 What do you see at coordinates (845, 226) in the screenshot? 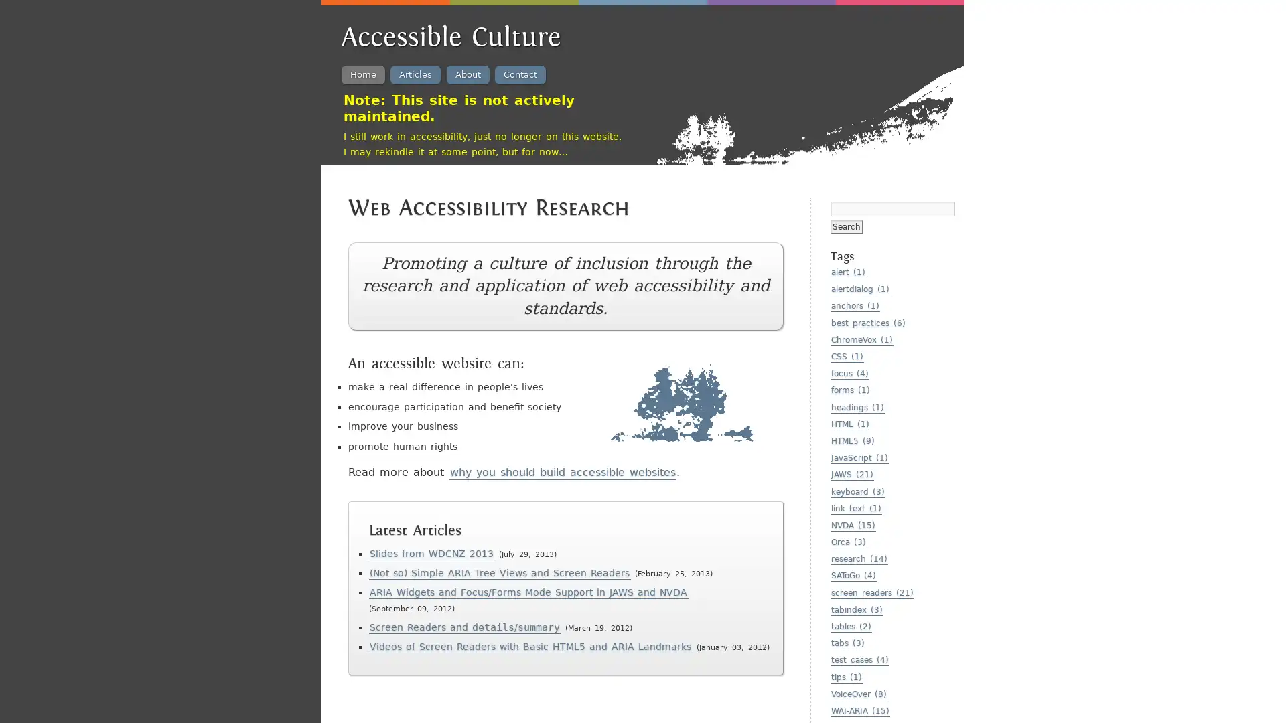
I see `Search` at bounding box center [845, 226].